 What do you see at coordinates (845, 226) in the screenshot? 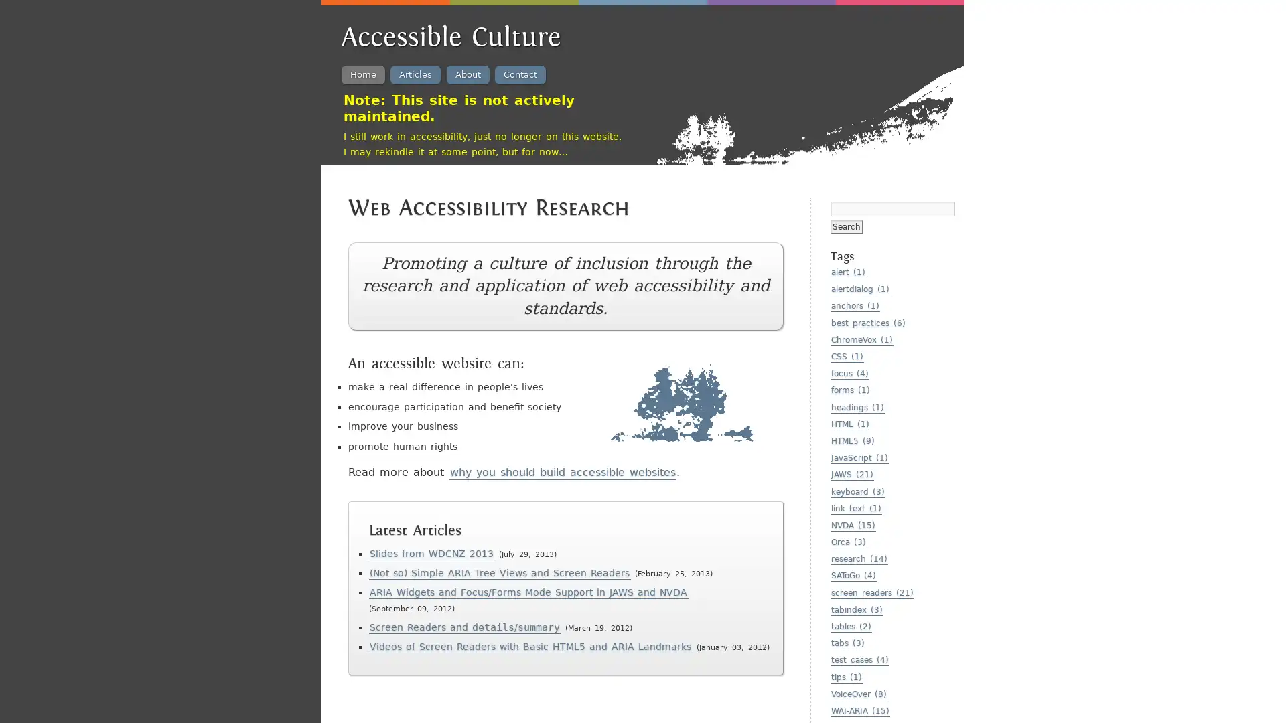
I see `Search` at bounding box center [845, 226].